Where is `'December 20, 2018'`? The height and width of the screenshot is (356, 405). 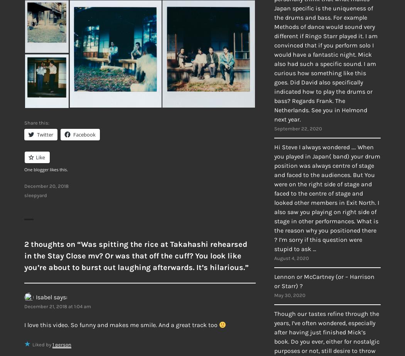
'December 20, 2018' is located at coordinates (46, 186).